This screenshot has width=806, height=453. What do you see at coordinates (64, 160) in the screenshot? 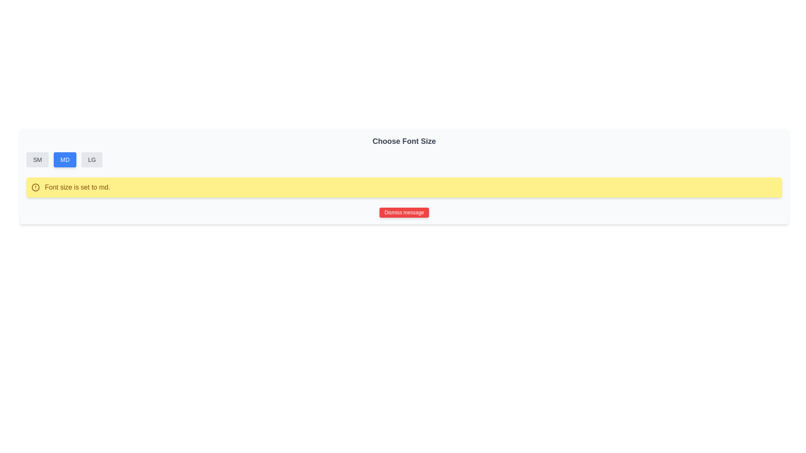
I see `the medium-sized rectangular button labeled 'MD' with a blue background and white text` at bounding box center [64, 160].